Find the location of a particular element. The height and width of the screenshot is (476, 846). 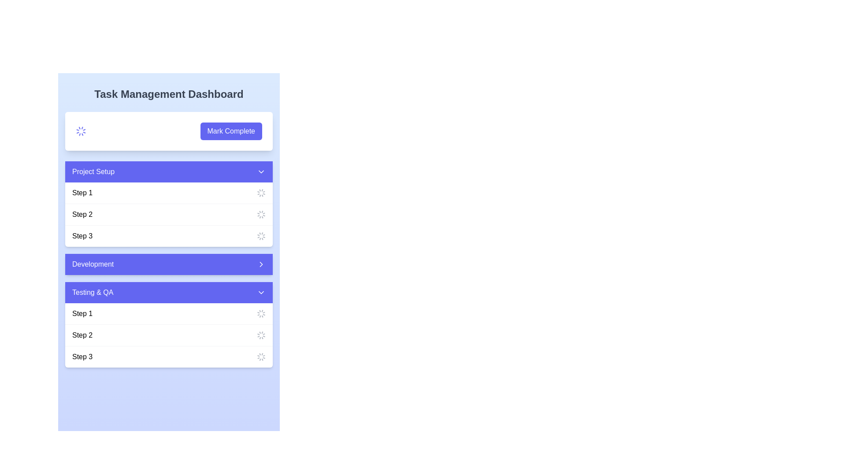

the 'Development' text label within the collapsible menu that has a vibrant purple background and is part of a vertical list of sections is located at coordinates (93, 264).